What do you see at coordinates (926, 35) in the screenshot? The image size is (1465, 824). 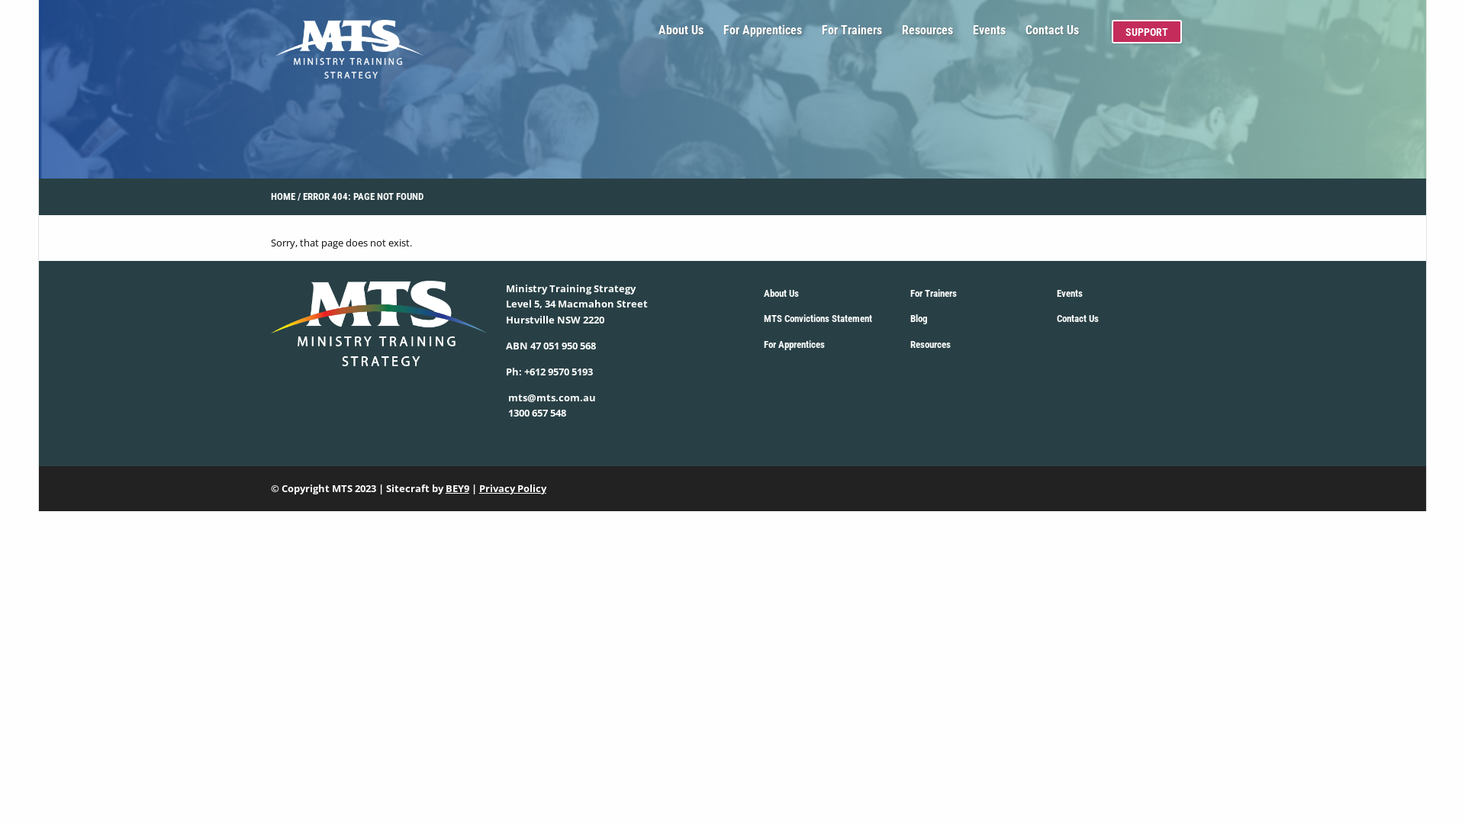 I see `'Resources'` at bounding box center [926, 35].